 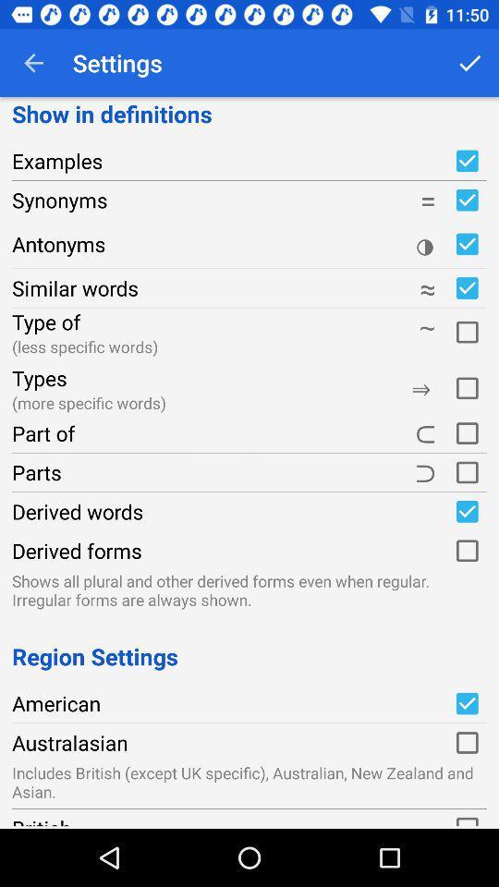 What do you see at coordinates (466, 743) in the screenshot?
I see `checkbox` at bounding box center [466, 743].